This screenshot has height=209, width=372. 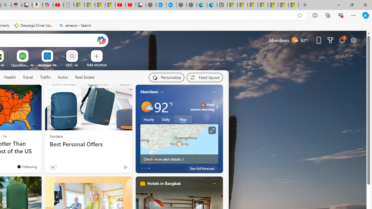 I want to click on 'Mostly sunny', so click(x=146, y=107).